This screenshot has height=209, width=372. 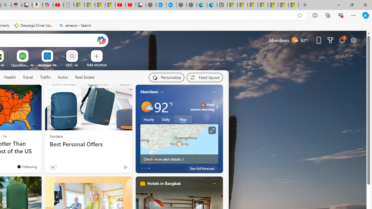 I want to click on 'Mostly sunny', so click(x=146, y=107).